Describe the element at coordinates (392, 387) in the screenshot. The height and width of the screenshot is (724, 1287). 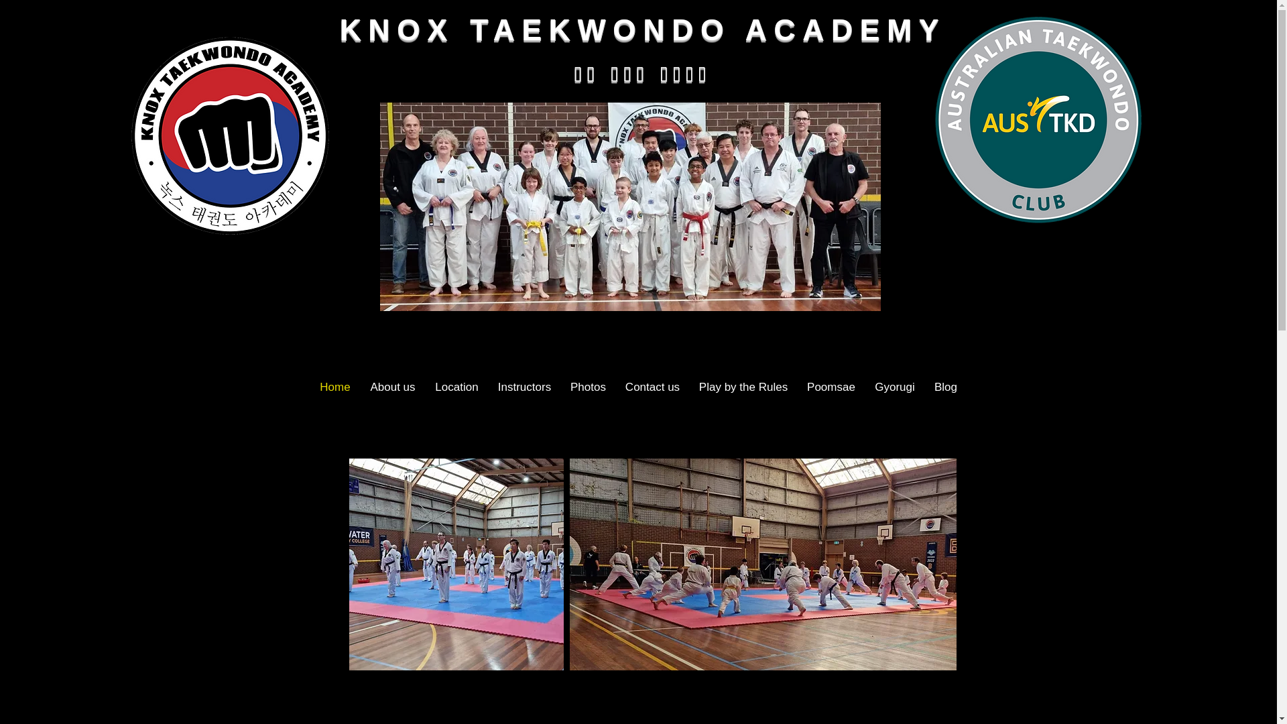
I see `'About us'` at that location.